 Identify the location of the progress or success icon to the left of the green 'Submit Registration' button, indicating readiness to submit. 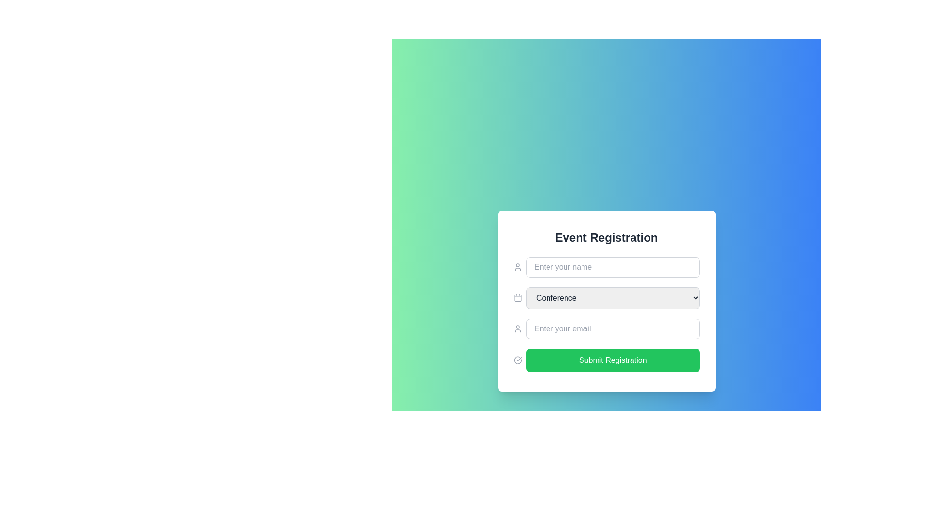
(517, 360).